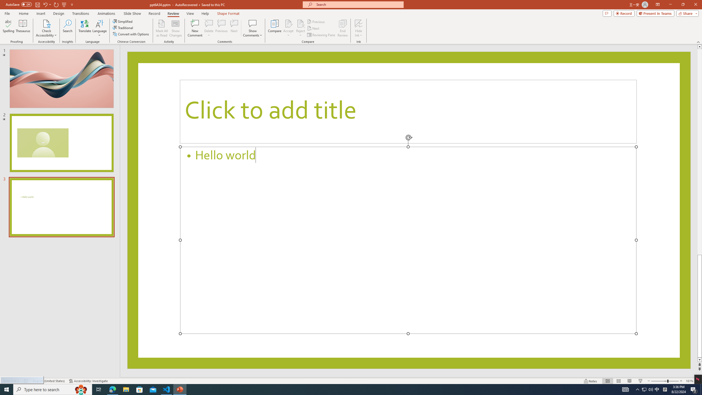  What do you see at coordinates (698, 381) in the screenshot?
I see `'Zoom to Fit '` at bounding box center [698, 381].